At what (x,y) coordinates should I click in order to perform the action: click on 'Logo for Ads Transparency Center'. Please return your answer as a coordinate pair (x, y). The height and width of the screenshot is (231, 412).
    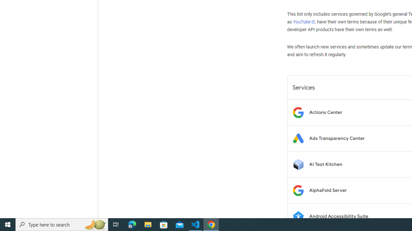
    Looking at the image, I should click on (298, 138).